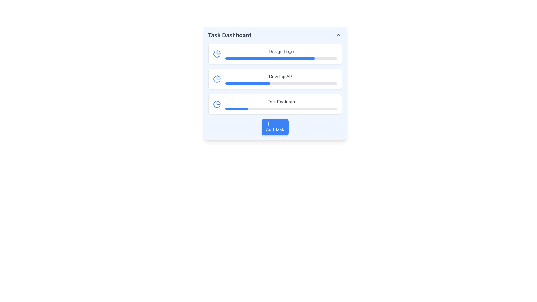  What do you see at coordinates (236, 109) in the screenshot?
I see `the progress bar segment indicating 20% completion for the task labeled 'Test Features.'` at bounding box center [236, 109].